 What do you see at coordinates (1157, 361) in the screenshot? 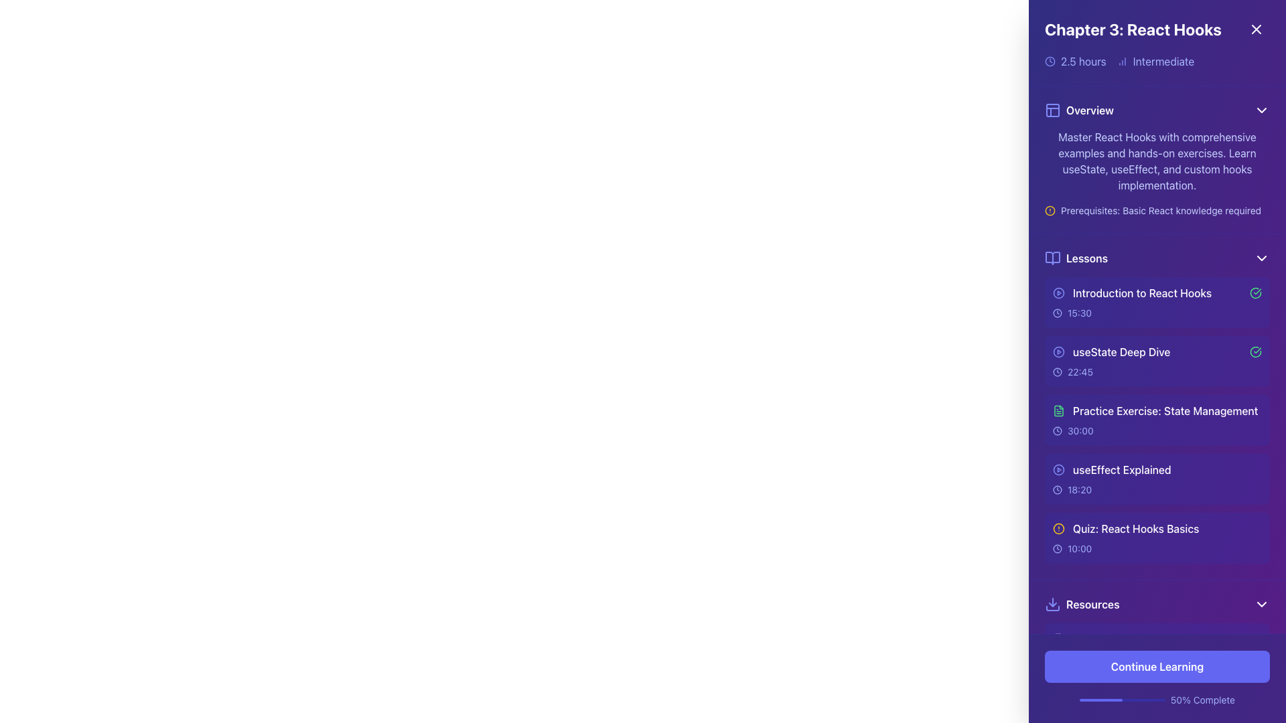
I see `the 'useState Deep Dive' lesson card/button located in the 'Lessons' section` at bounding box center [1157, 361].